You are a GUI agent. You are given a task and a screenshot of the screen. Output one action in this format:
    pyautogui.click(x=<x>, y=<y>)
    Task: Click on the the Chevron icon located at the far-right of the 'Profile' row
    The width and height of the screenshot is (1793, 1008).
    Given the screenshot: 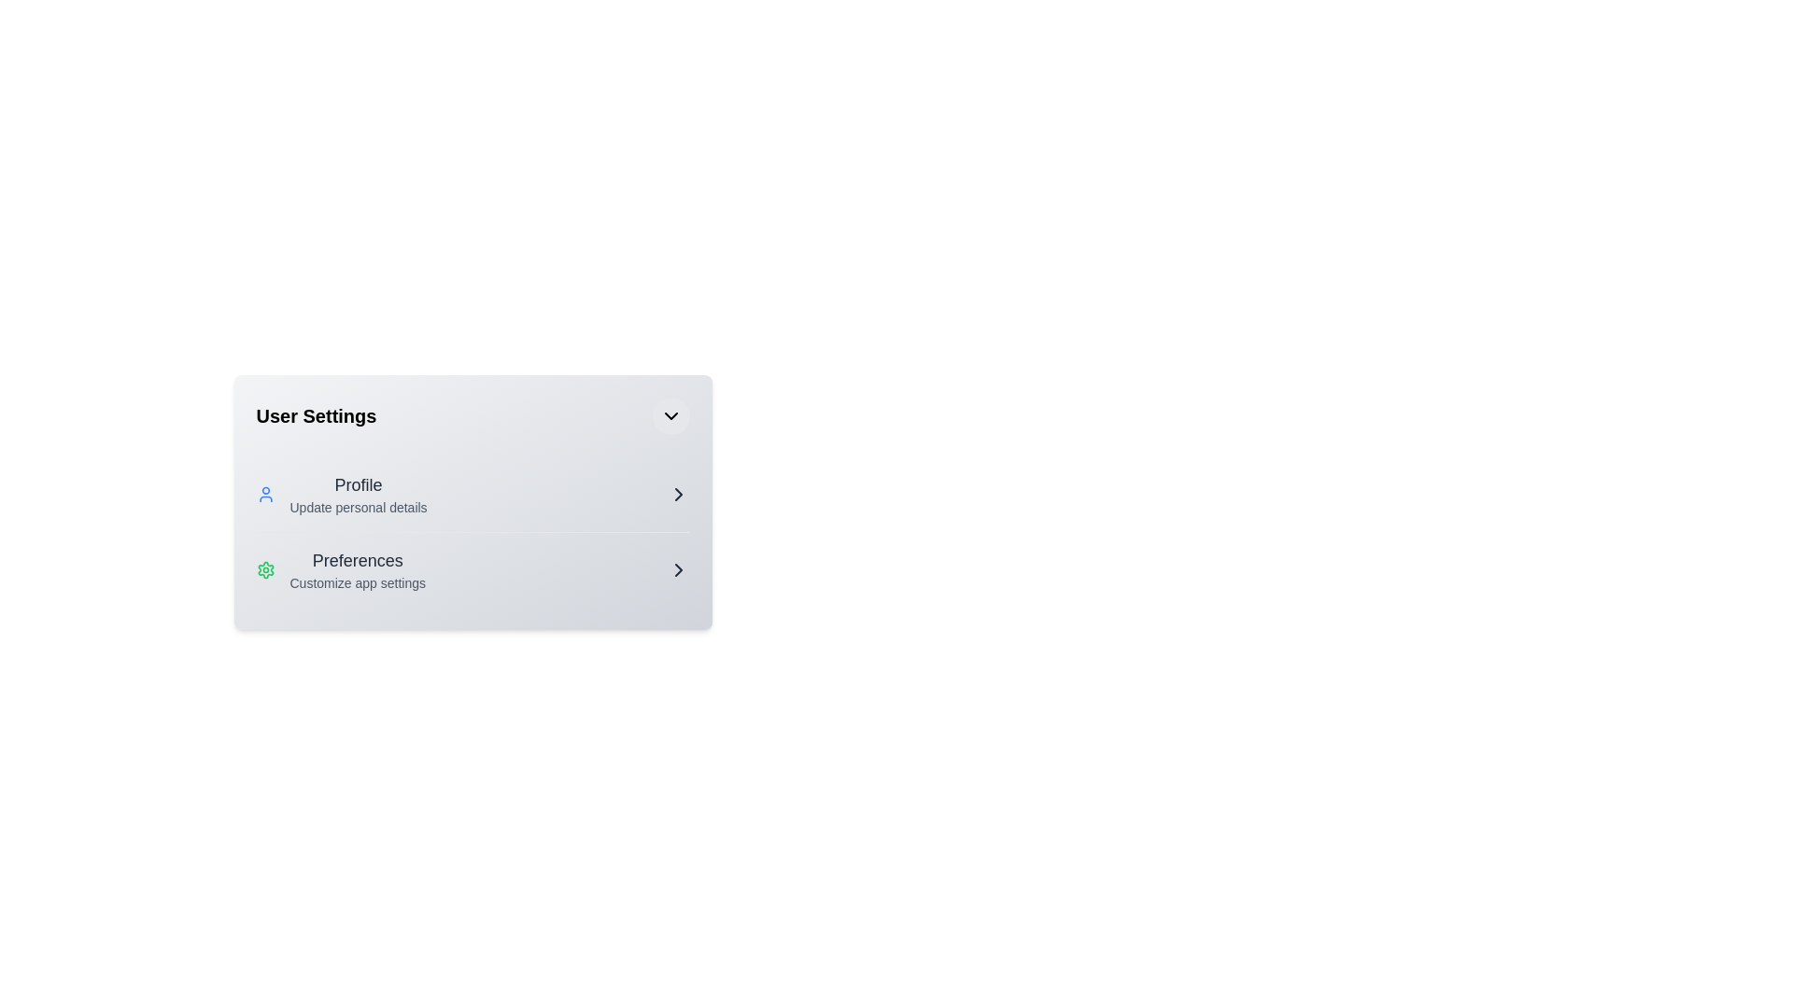 What is the action you would take?
    pyautogui.click(x=677, y=493)
    